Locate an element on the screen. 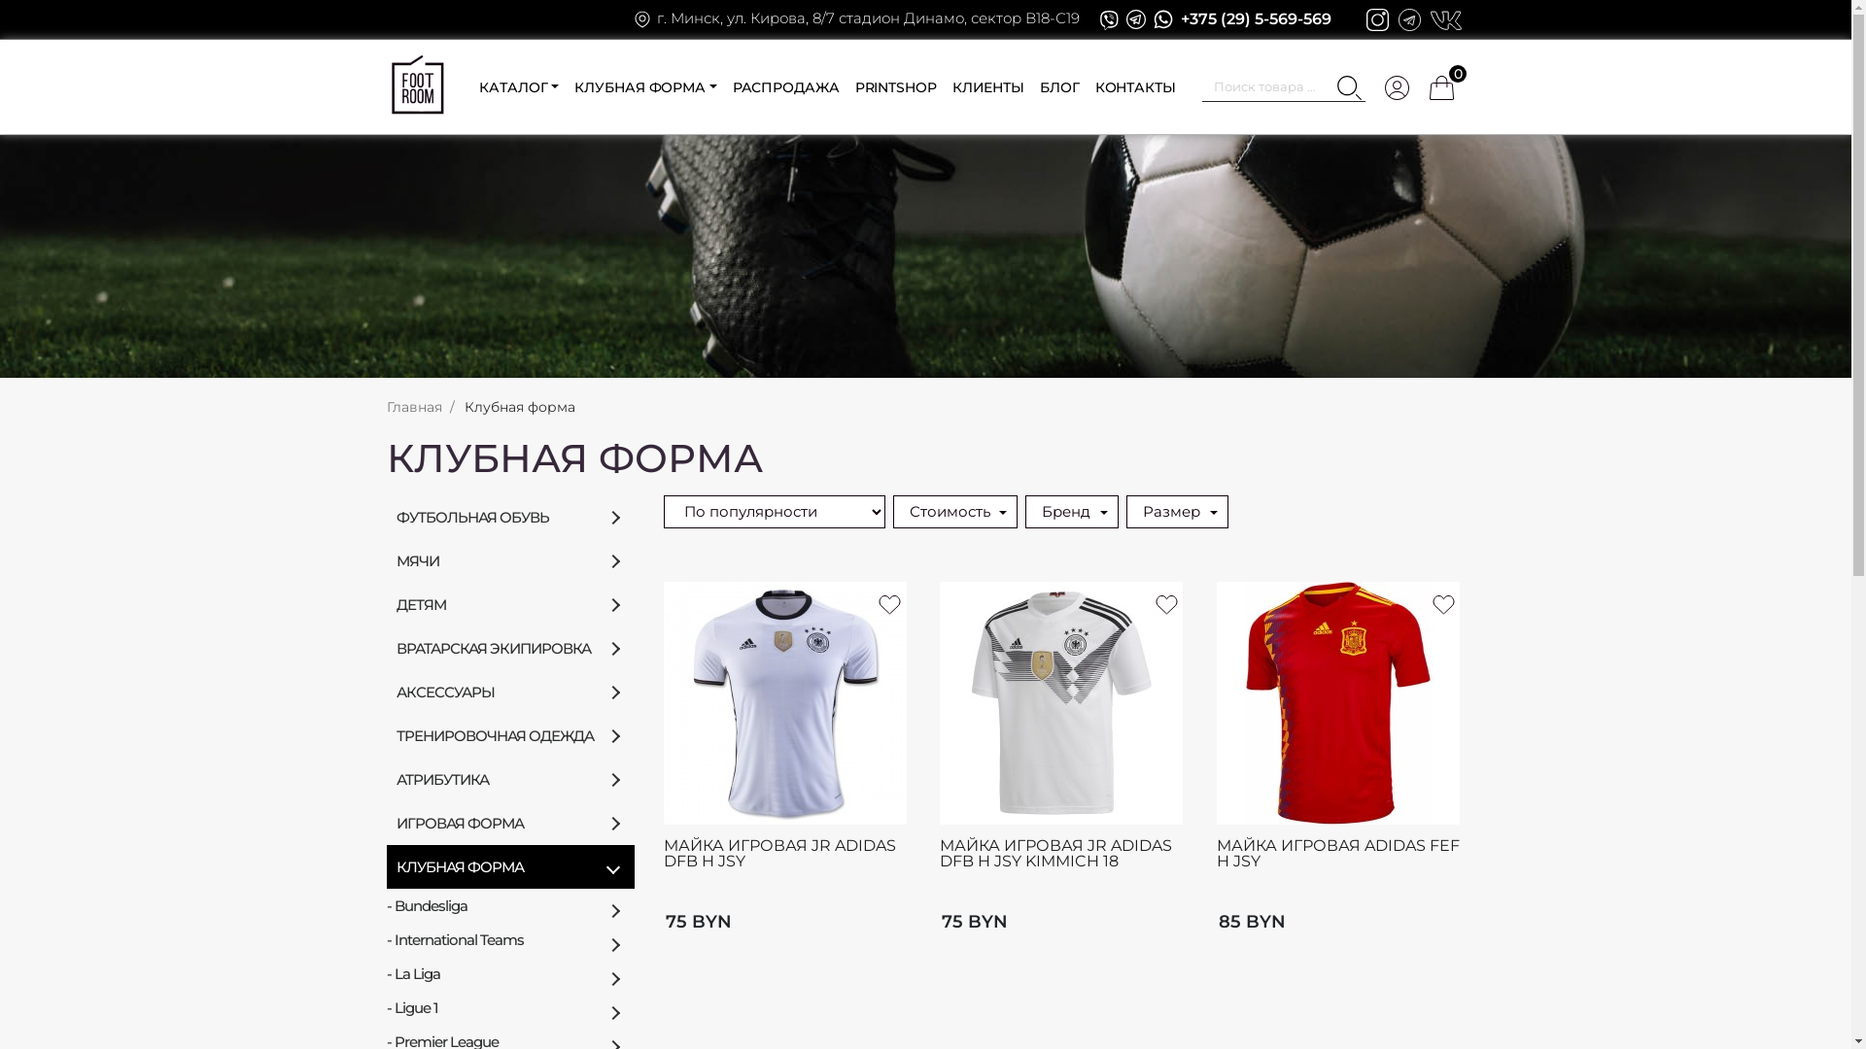  '- Ligue 1' is located at coordinates (510, 1006).